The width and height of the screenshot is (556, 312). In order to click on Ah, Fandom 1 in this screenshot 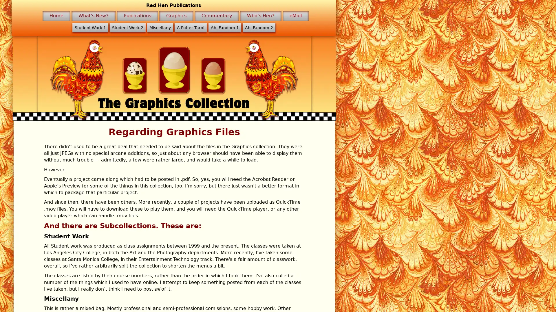, I will do `click(224, 28)`.